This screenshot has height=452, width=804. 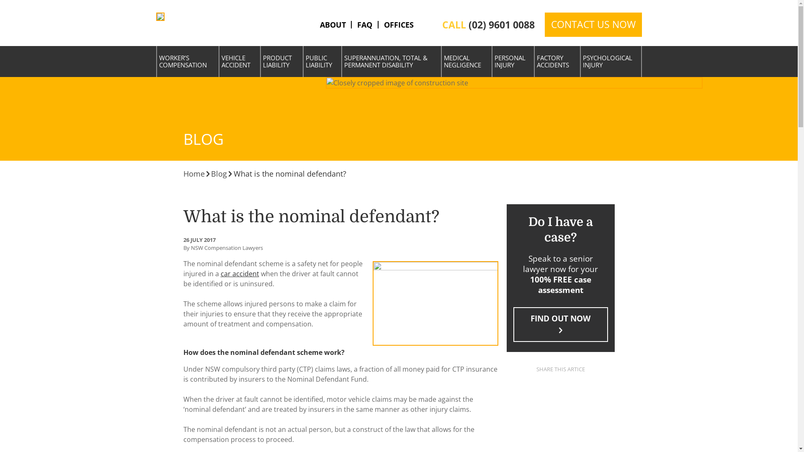 What do you see at coordinates (156, 16) in the screenshot?
I see `'NSW Compensation Lawyers'` at bounding box center [156, 16].